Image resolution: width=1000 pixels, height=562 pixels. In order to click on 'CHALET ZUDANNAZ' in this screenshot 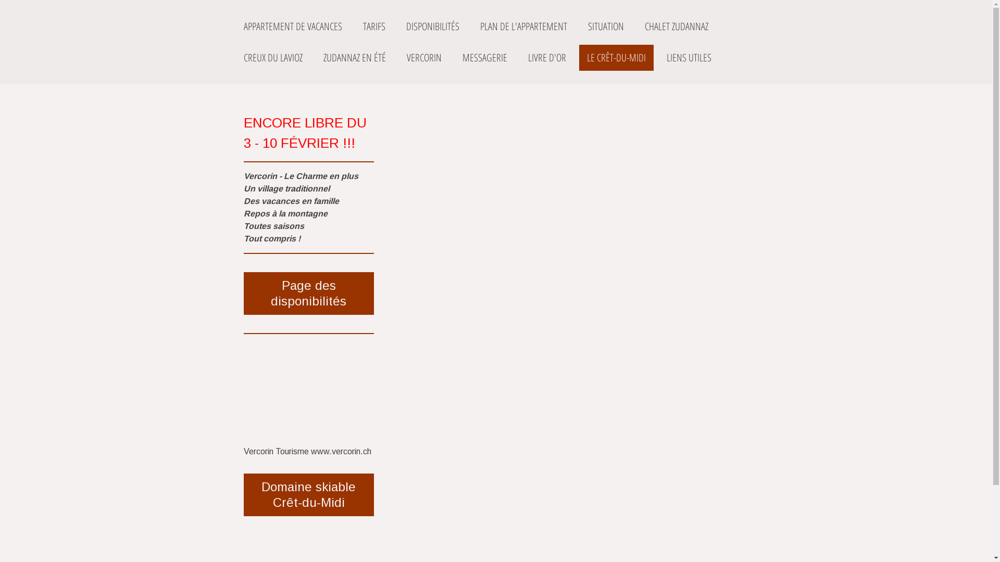, I will do `click(676, 25)`.